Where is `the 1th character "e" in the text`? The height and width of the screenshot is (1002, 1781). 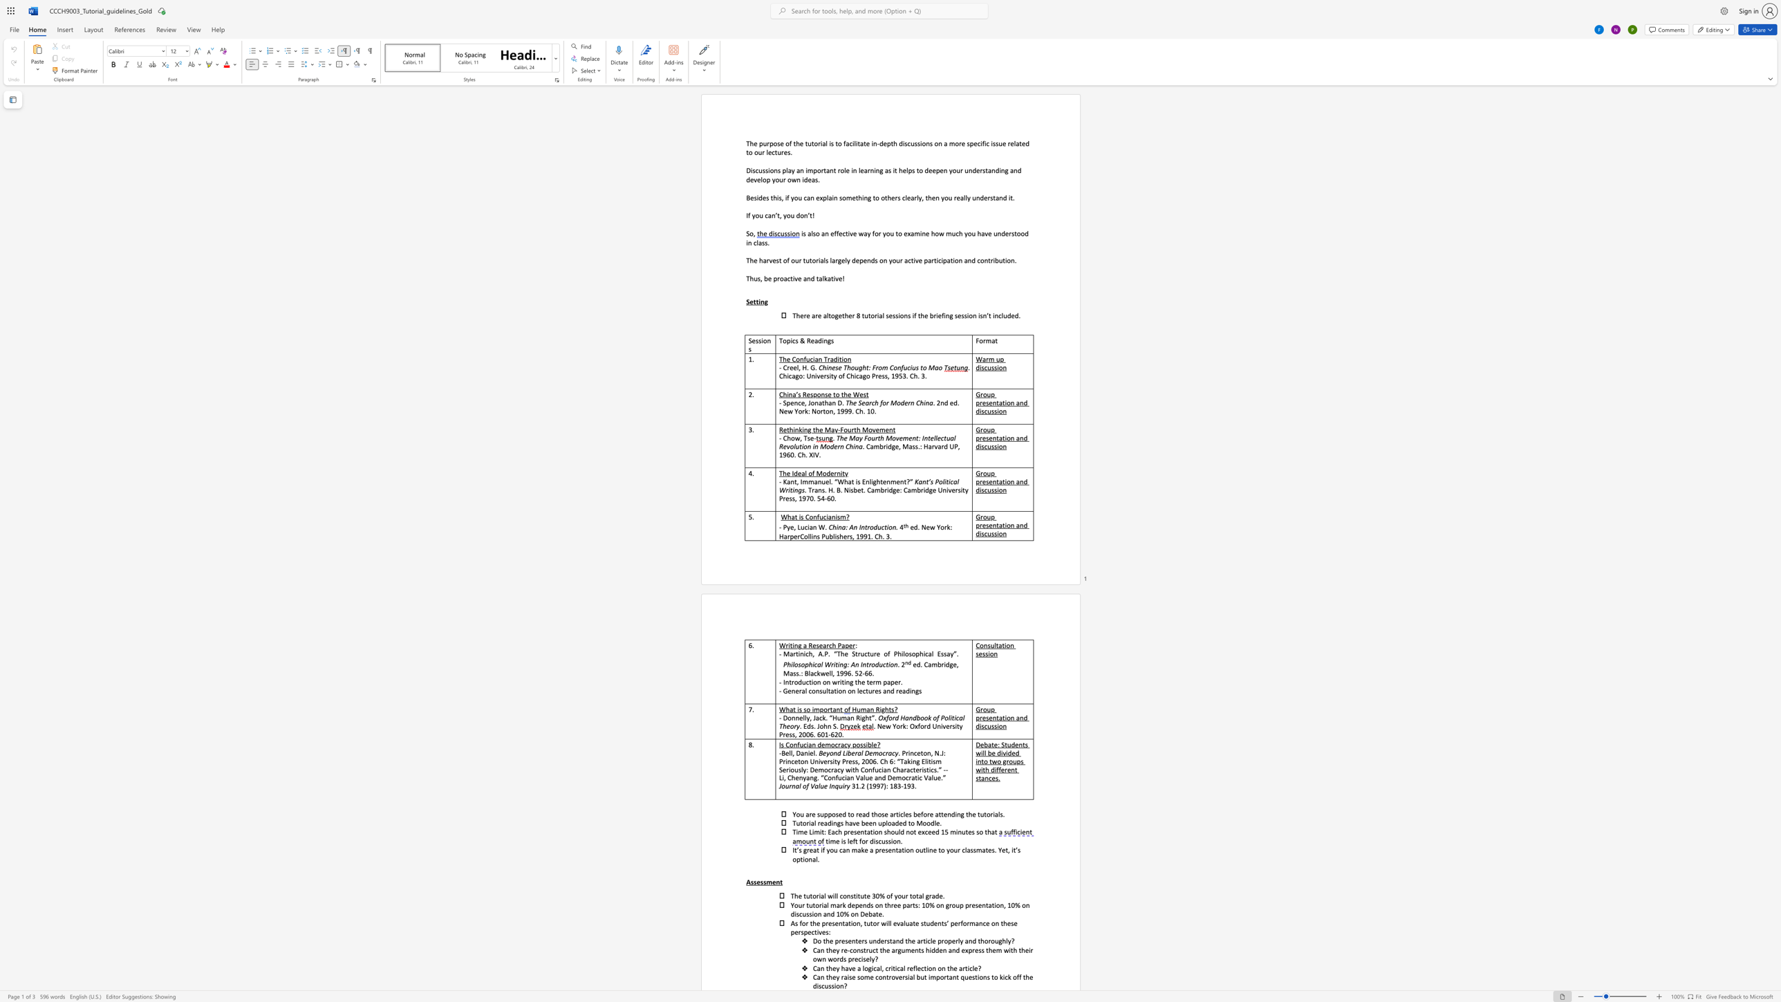 the 1th character "e" in the text is located at coordinates (755, 260).